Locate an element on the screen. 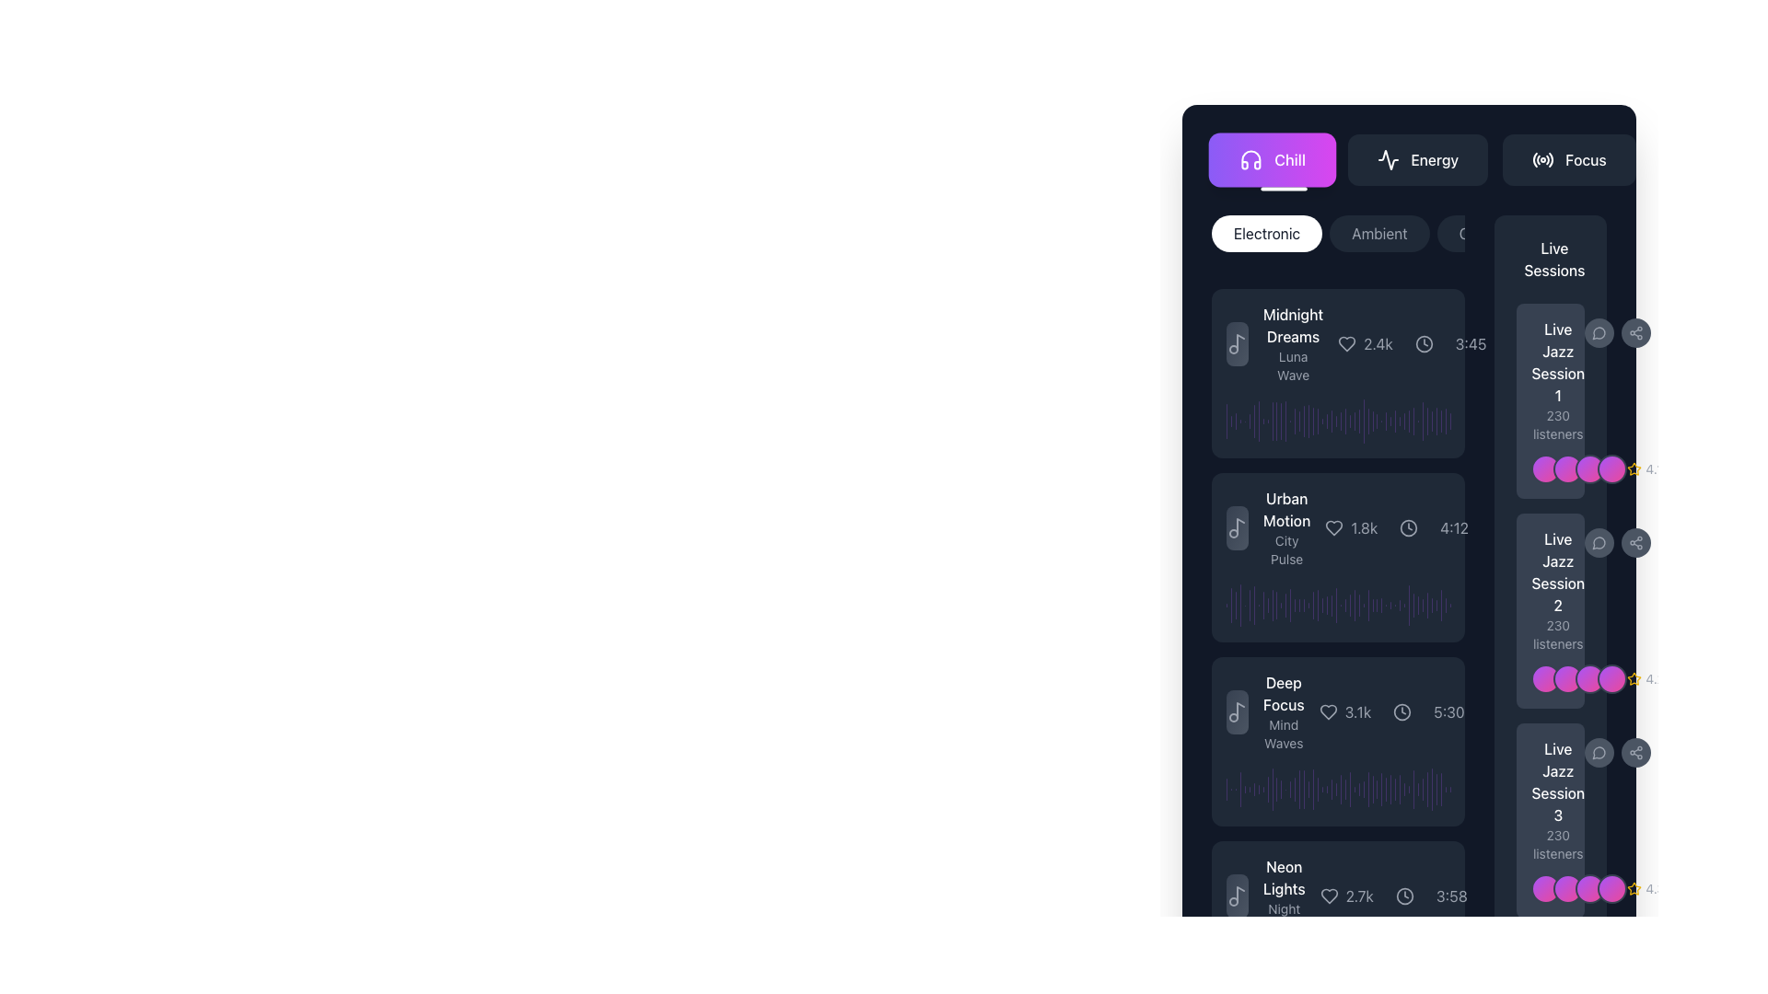 The width and height of the screenshot is (1768, 994). the 15th vertical bar in the visual indicator collection, which is part of a chart representation is located at coordinates (1289, 788).